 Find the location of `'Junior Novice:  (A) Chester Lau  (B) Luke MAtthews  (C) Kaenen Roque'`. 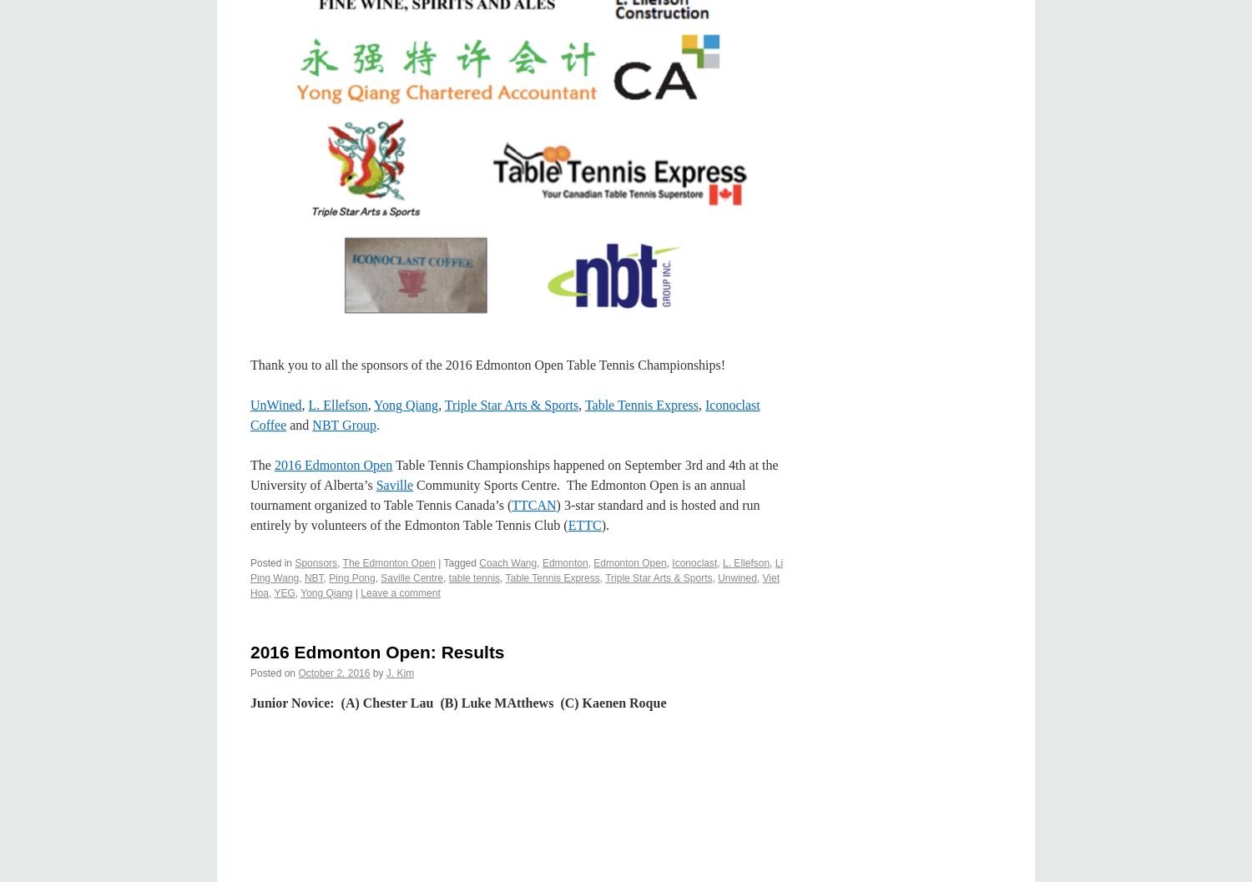

'Junior Novice:  (A) Chester Lau  (B) Luke MAtthews  (C) Kaenen Roque' is located at coordinates (250, 702).